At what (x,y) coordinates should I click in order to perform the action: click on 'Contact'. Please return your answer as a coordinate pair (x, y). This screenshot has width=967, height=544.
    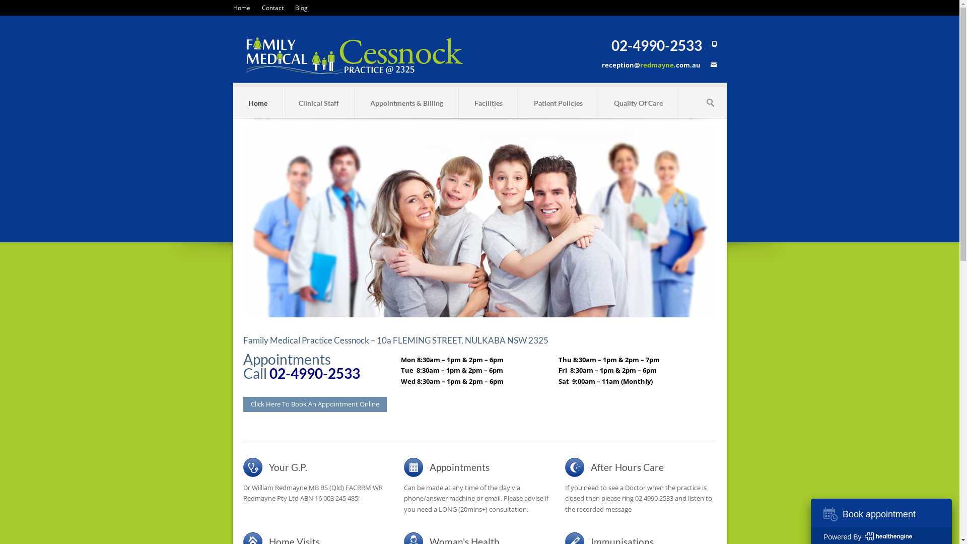
    Looking at the image, I should click on (261, 8).